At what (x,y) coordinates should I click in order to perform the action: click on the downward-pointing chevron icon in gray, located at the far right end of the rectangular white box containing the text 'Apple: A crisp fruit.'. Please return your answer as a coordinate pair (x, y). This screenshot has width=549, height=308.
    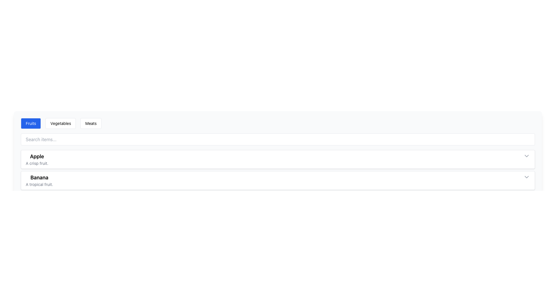
    Looking at the image, I should click on (526, 156).